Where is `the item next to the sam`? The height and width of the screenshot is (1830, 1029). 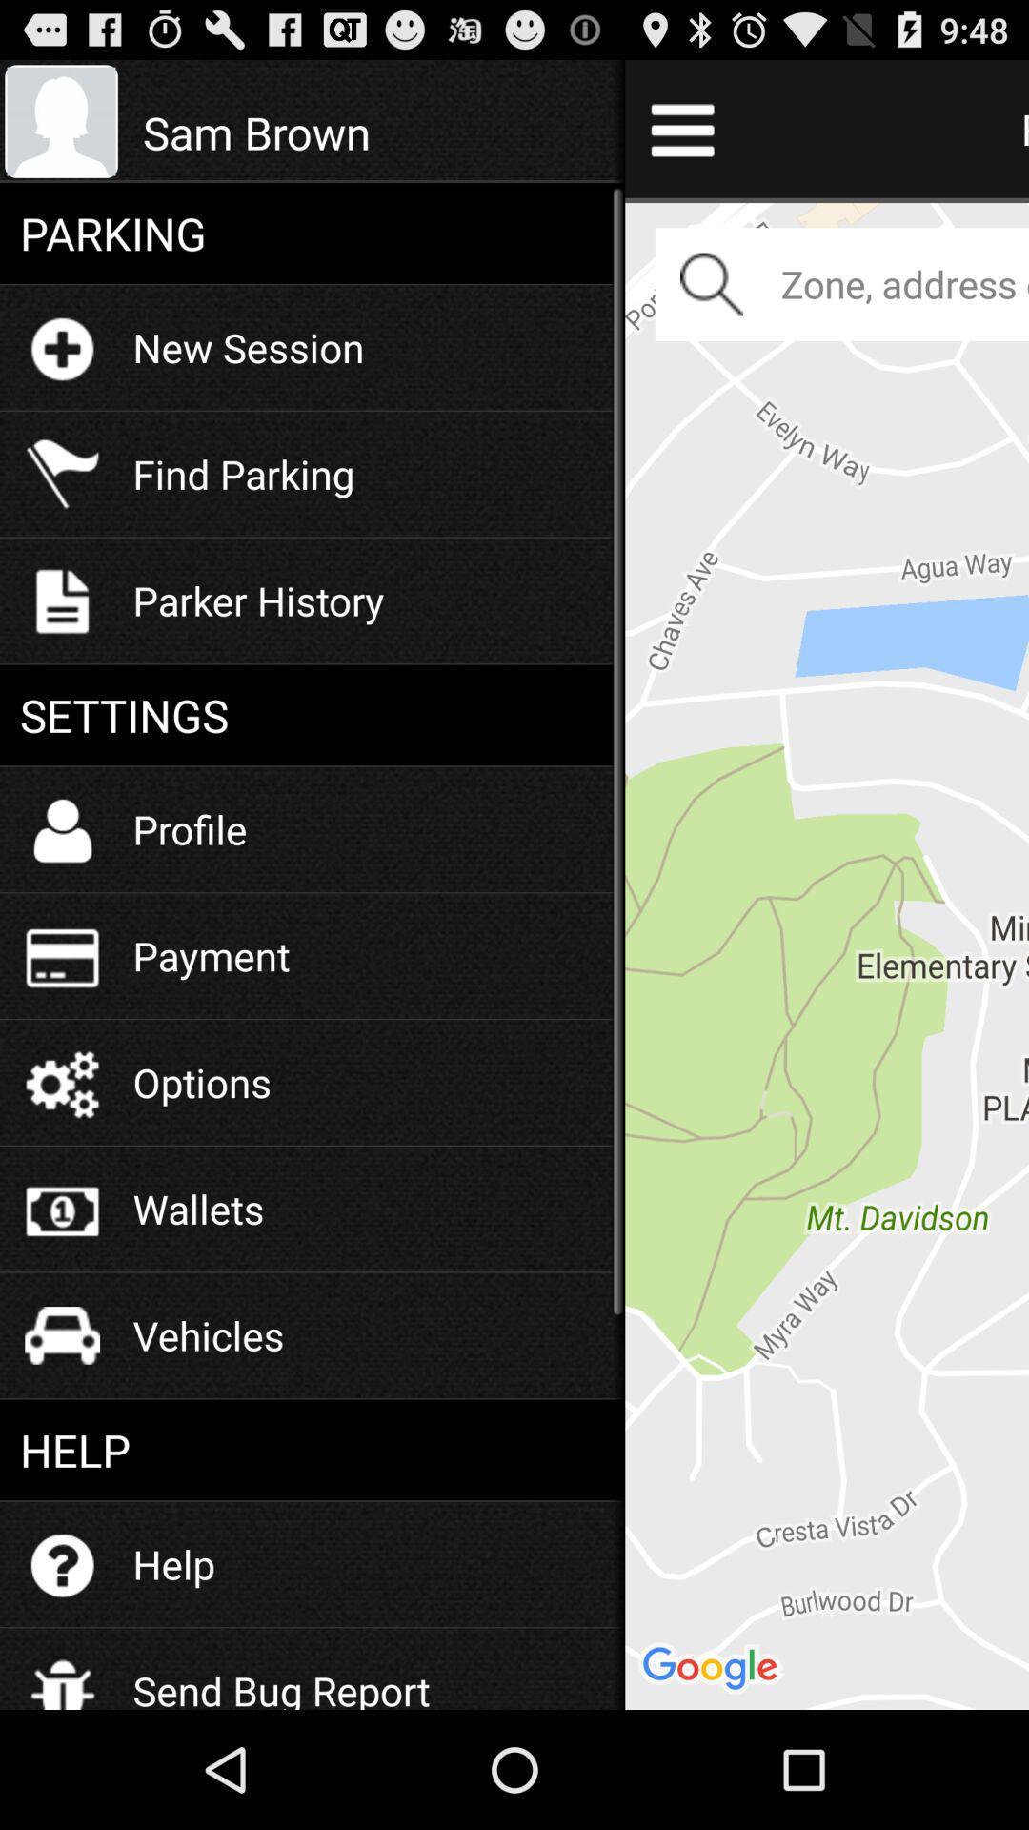
the item next to the sam is located at coordinates (826, 953).